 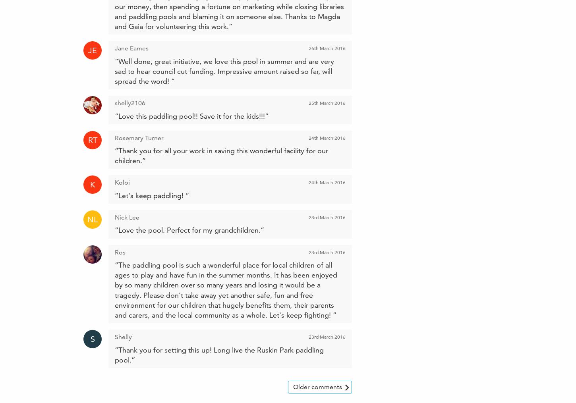 What do you see at coordinates (127, 217) in the screenshot?
I see `'Nick Lee'` at bounding box center [127, 217].